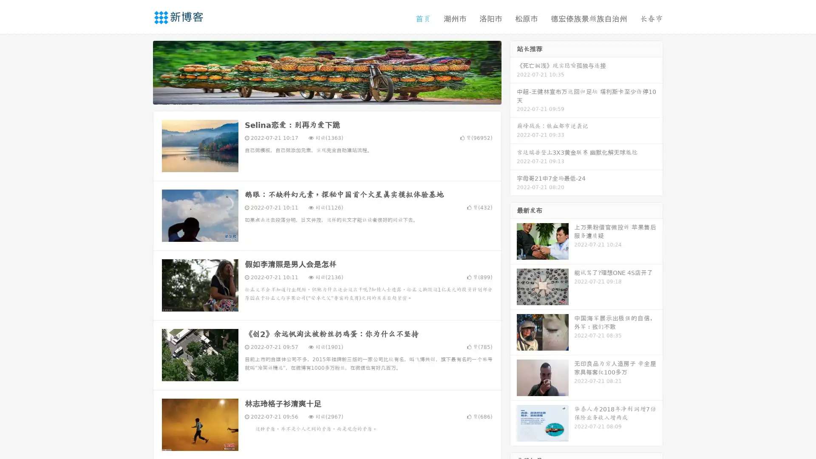  I want to click on Go to slide 2, so click(326, 96).